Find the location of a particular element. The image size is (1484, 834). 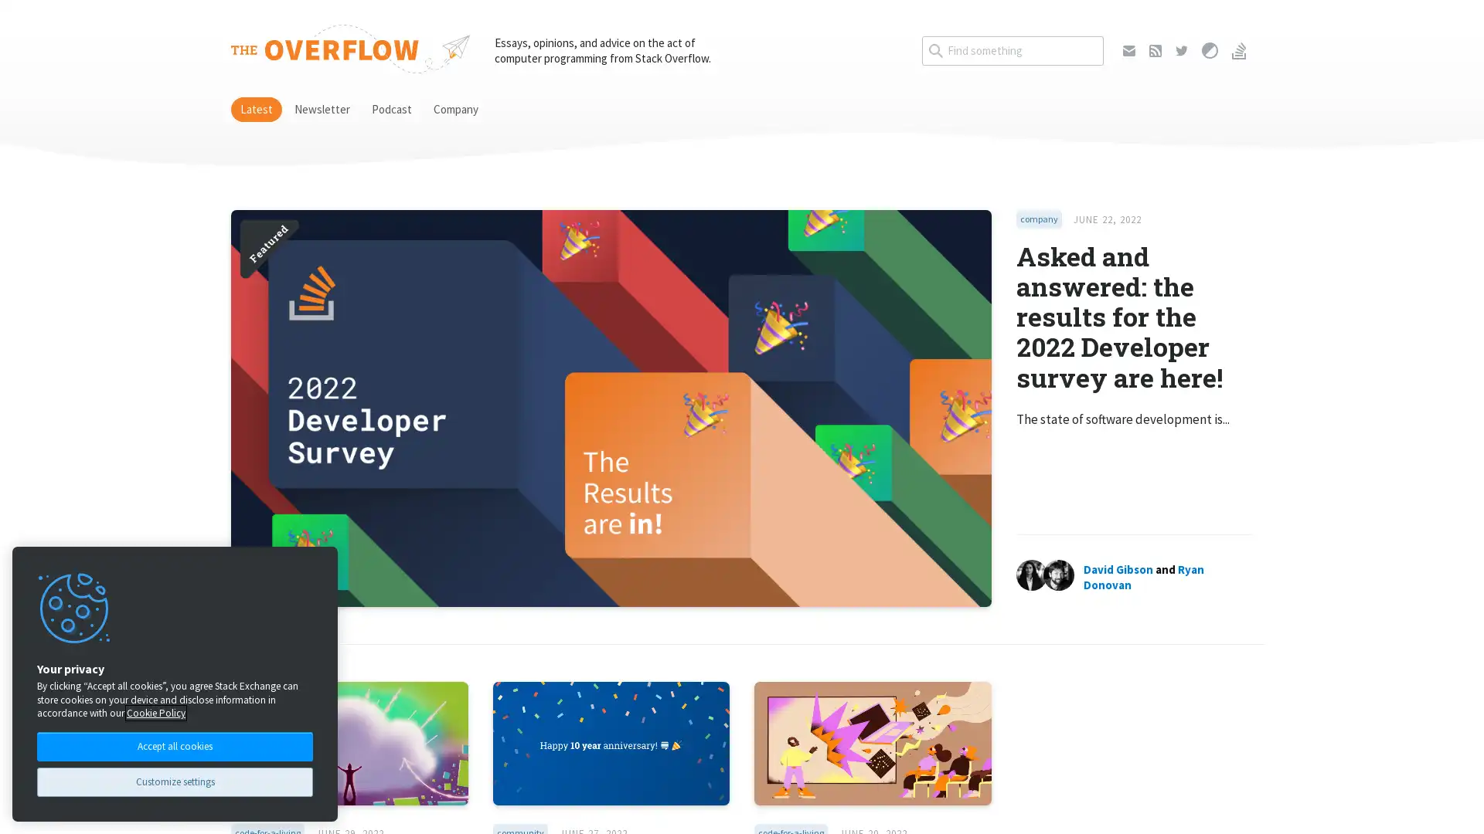

Search is located at coordinates (1102, 35).